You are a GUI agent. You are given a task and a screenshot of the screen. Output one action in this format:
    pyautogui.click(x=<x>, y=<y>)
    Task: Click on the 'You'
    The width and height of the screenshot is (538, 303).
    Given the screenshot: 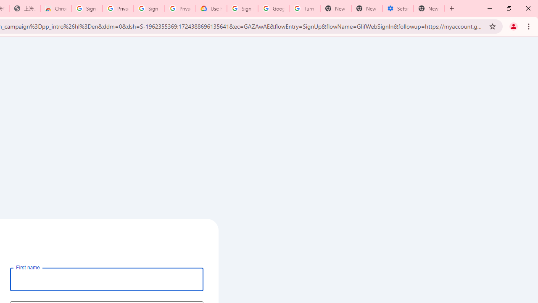 What is the action you would take?
    pyautogui.click(x=513, y=26)
    